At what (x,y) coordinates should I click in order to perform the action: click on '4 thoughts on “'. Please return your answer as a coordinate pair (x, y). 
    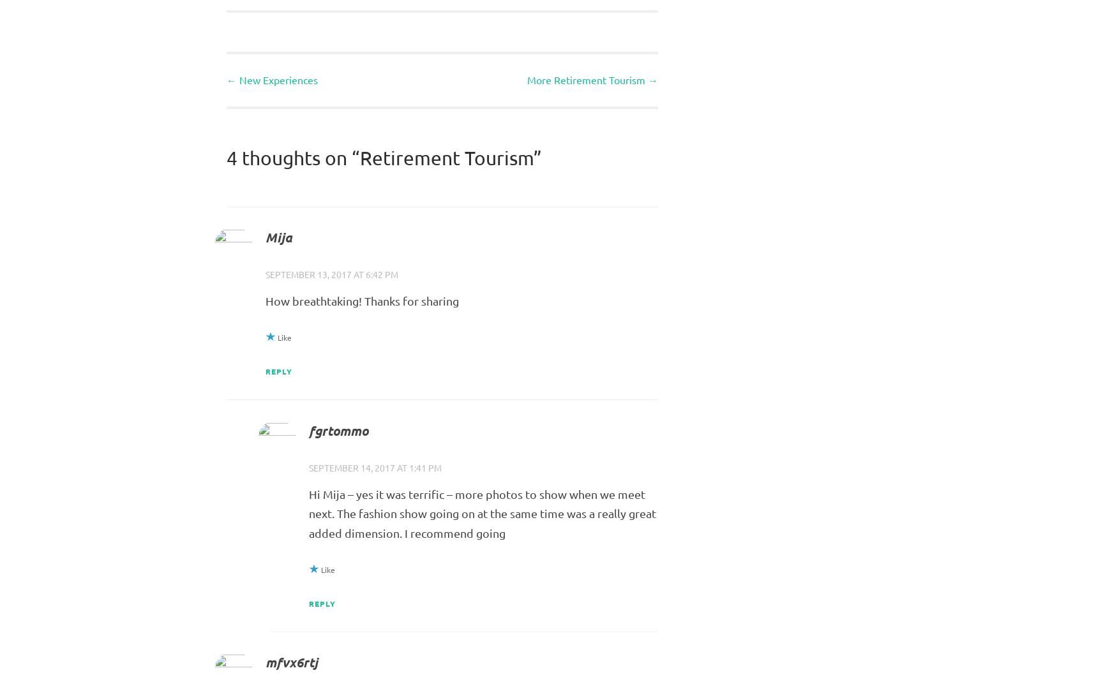
    Looking at the image, I should click on (293, 157).